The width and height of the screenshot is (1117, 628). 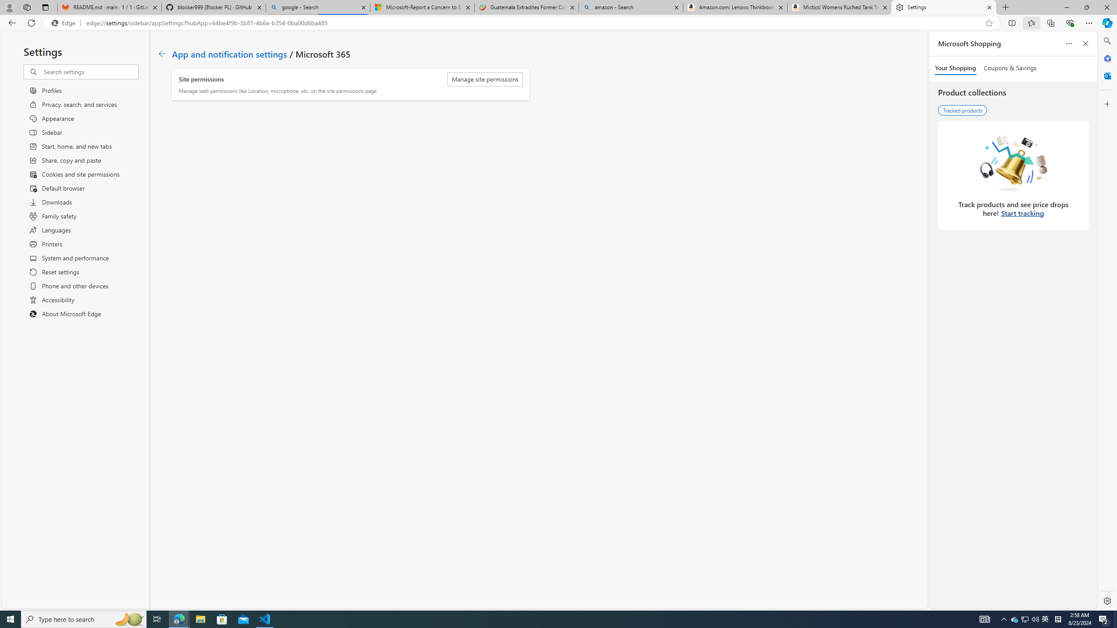 I want to click on 'Manage site permissions', so click(x=484, y=79).